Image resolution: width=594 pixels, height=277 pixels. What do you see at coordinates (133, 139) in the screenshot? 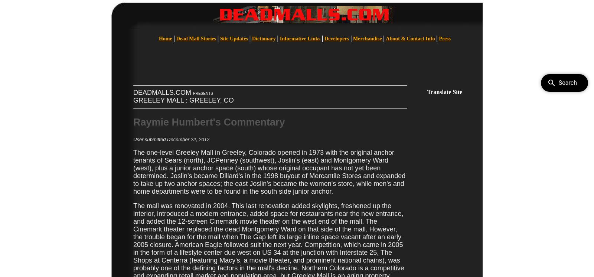
I see `'User submitted December 22, 2012'` at bounding box center [133, 139].